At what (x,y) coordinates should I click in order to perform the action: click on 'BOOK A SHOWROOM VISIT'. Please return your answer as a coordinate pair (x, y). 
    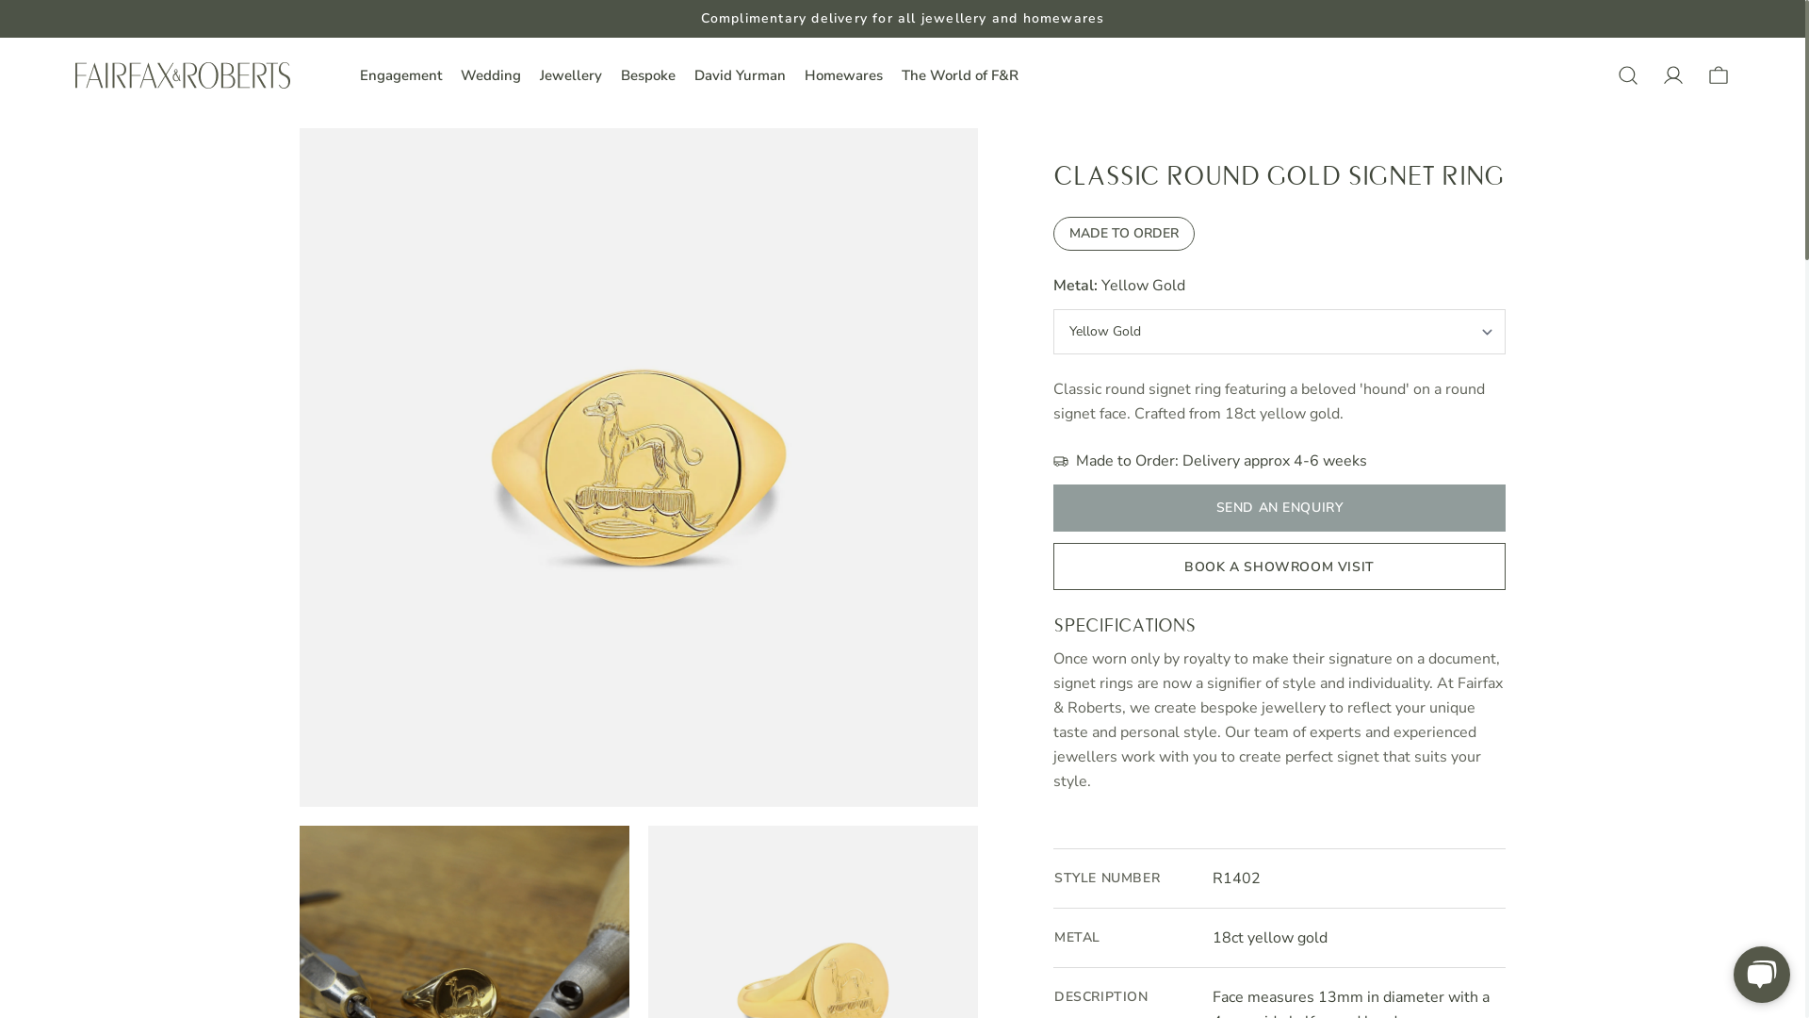
    Looking at the image, I should click on (1279, 566).